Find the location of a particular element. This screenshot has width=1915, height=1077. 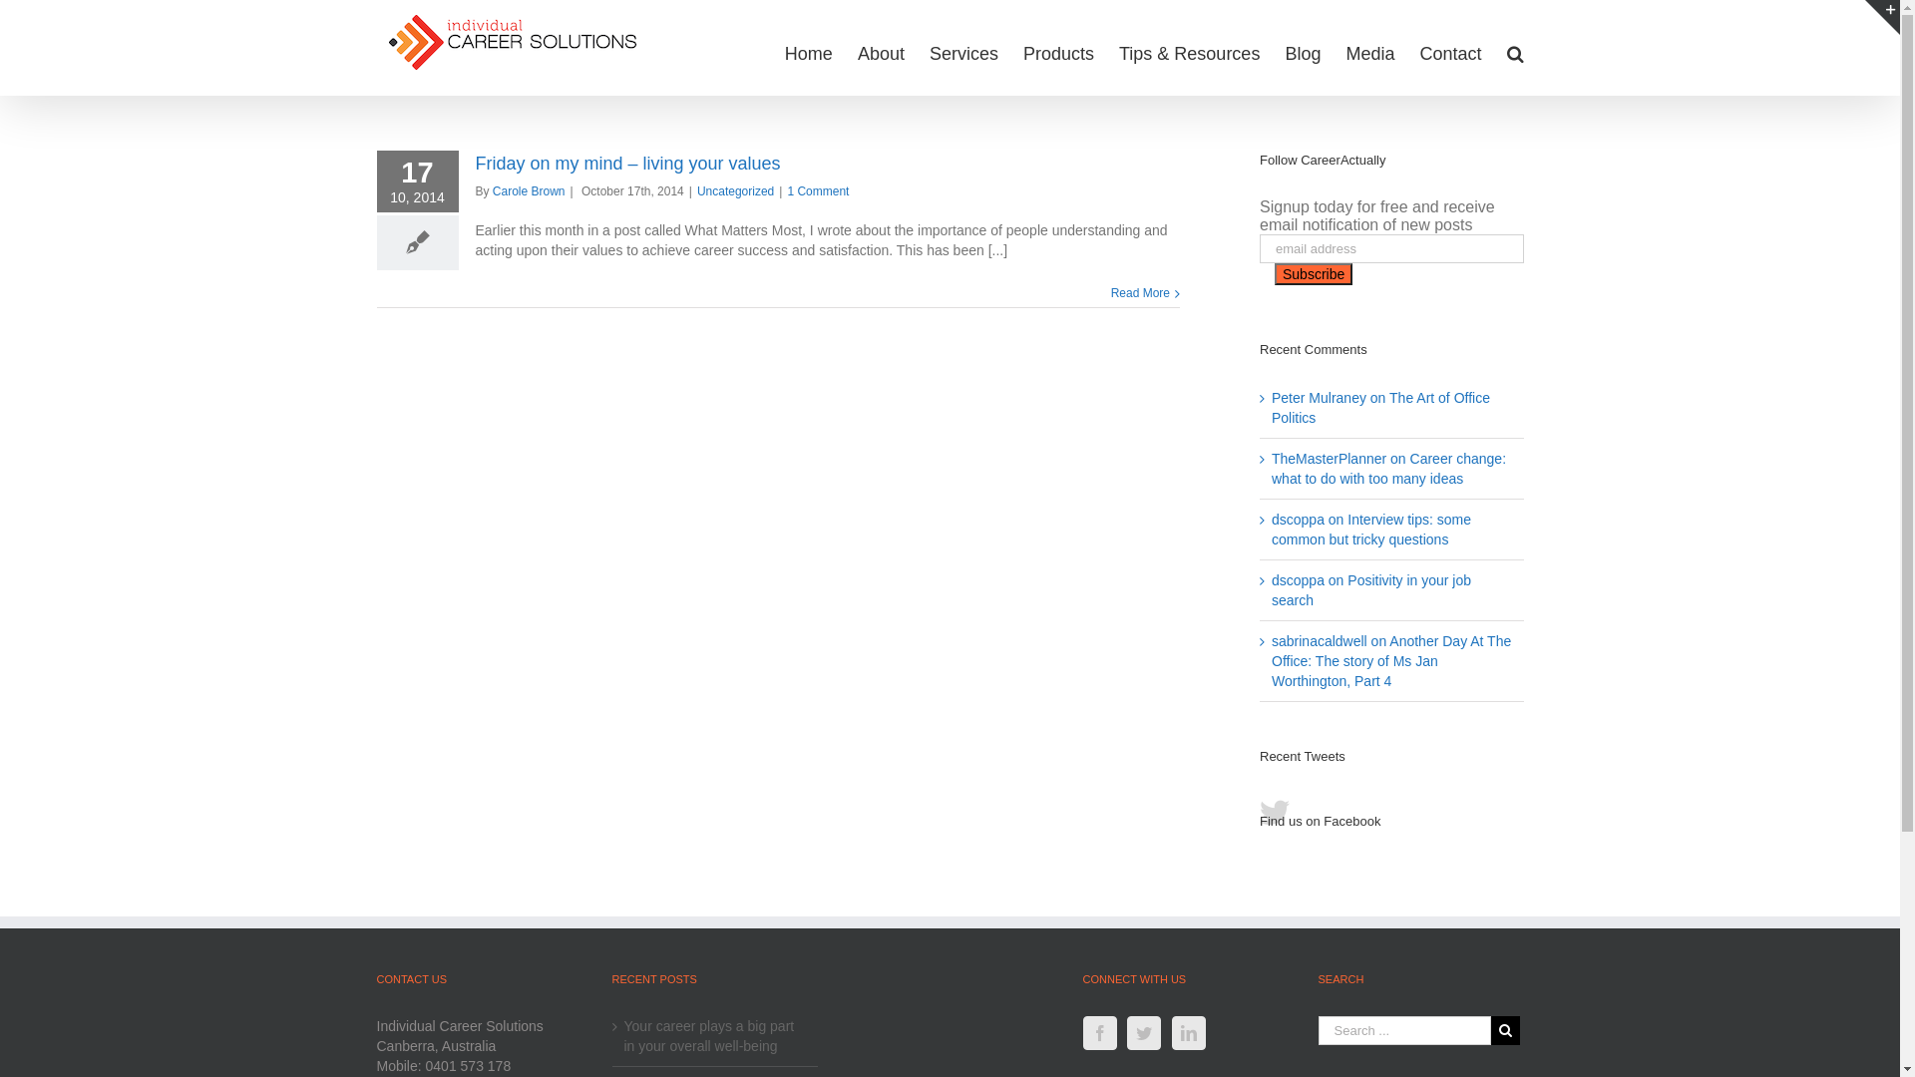

'Peter Mulraney' is located at coordinates (1319, 397).